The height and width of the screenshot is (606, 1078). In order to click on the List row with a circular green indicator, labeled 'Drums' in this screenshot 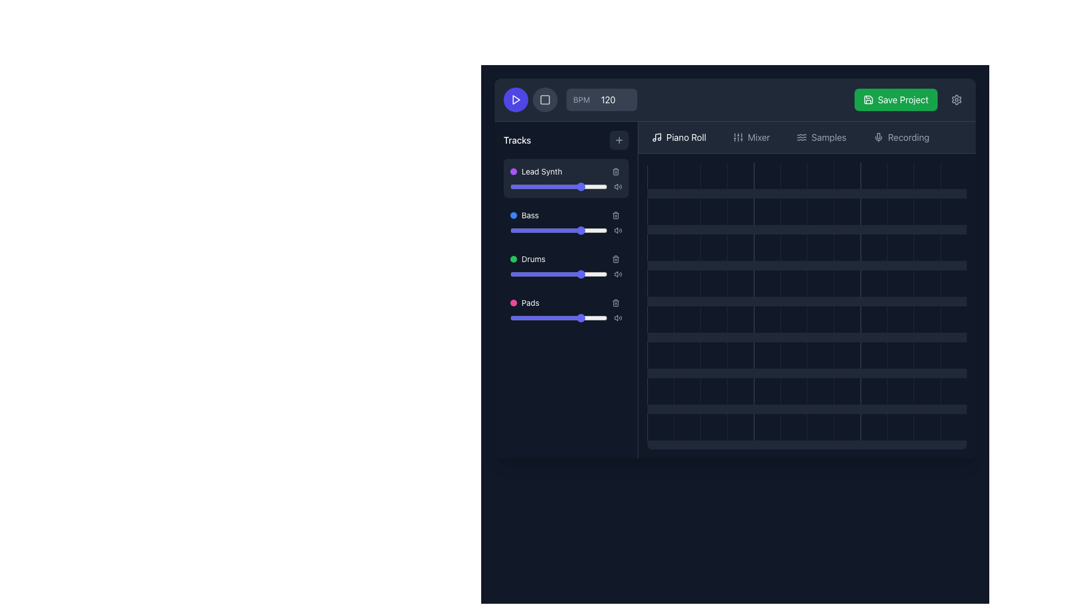, I will do `click(566, 259)`.